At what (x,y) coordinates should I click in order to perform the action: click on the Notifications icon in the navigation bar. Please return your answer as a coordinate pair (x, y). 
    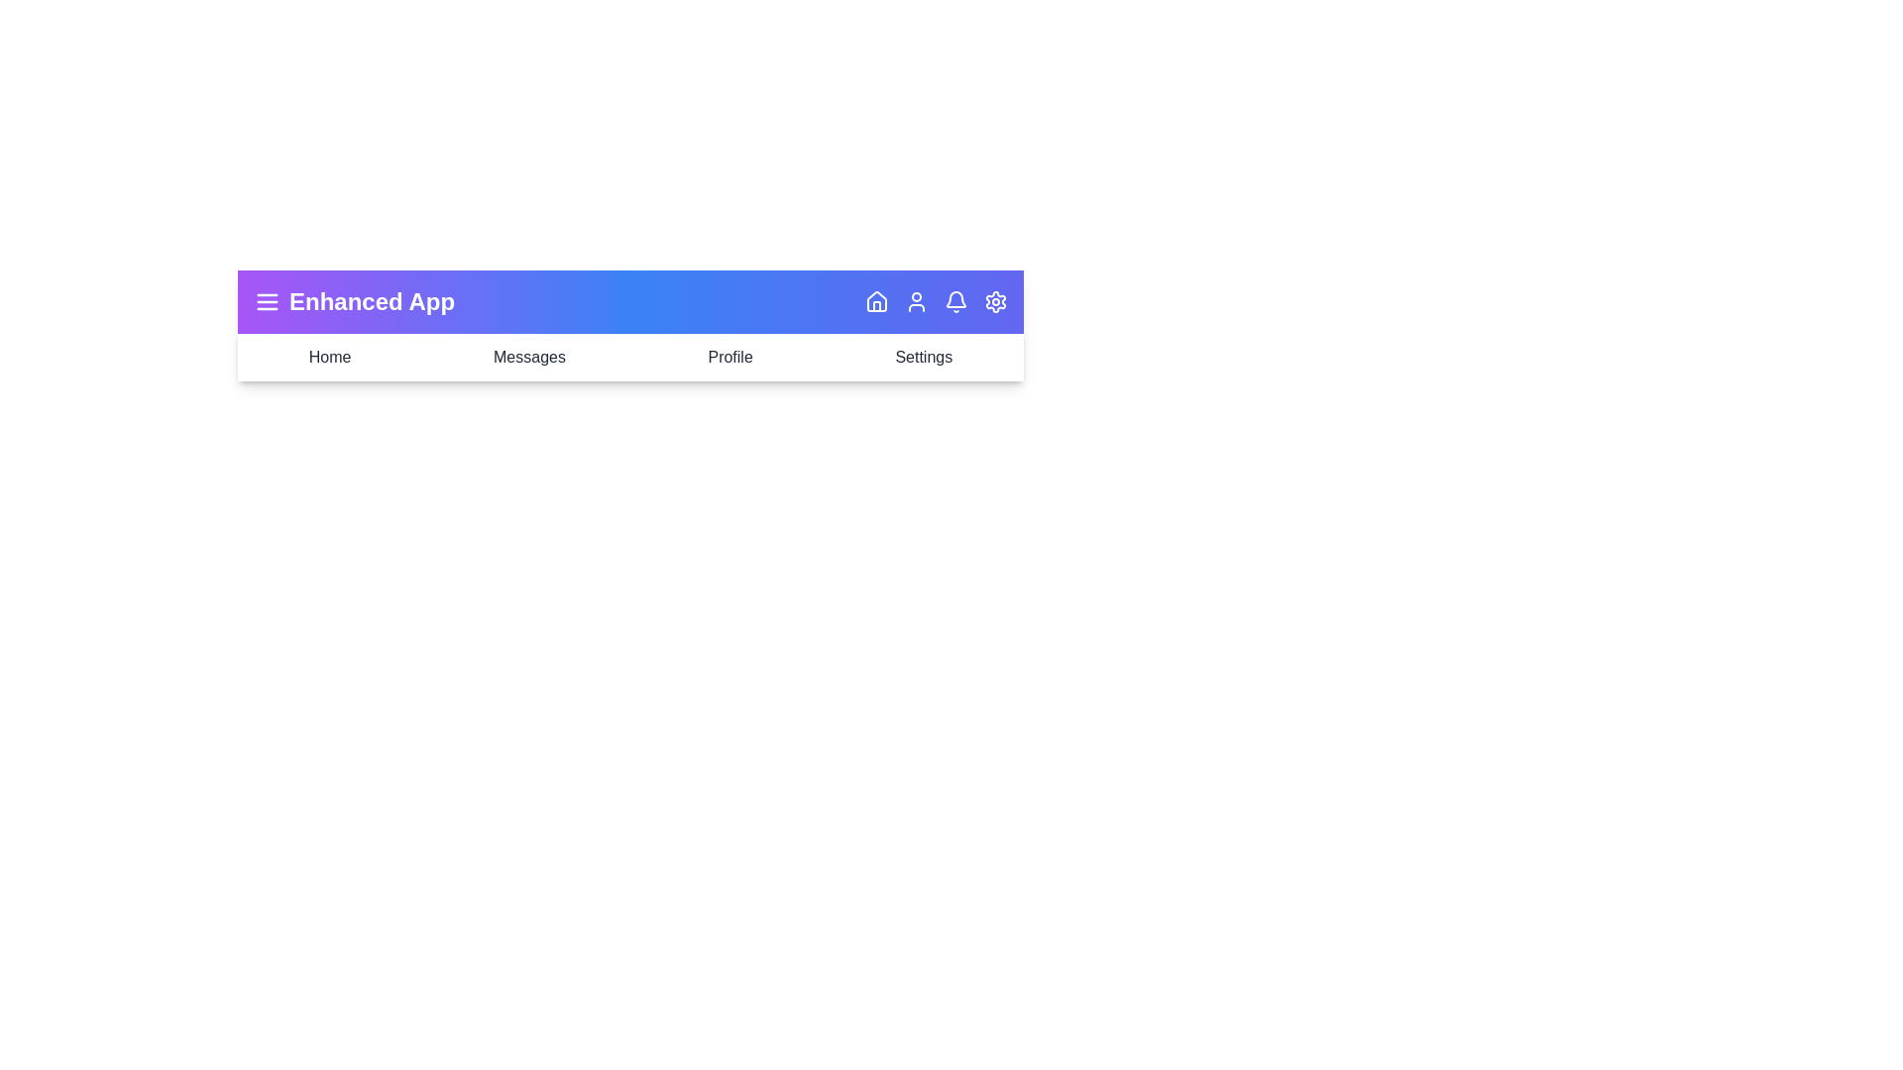
    Looking at the image, I should click on (955, 301).